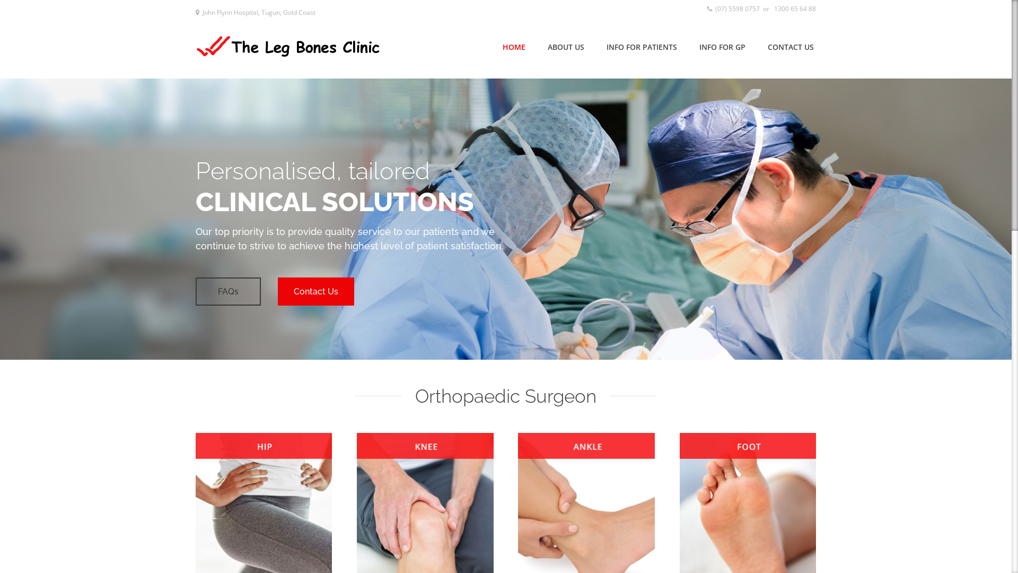 Image resolution: width=1018 pixels, height=573 pixels. I want to click on 'INFO FOR PATIENTS', so click(641, 46).